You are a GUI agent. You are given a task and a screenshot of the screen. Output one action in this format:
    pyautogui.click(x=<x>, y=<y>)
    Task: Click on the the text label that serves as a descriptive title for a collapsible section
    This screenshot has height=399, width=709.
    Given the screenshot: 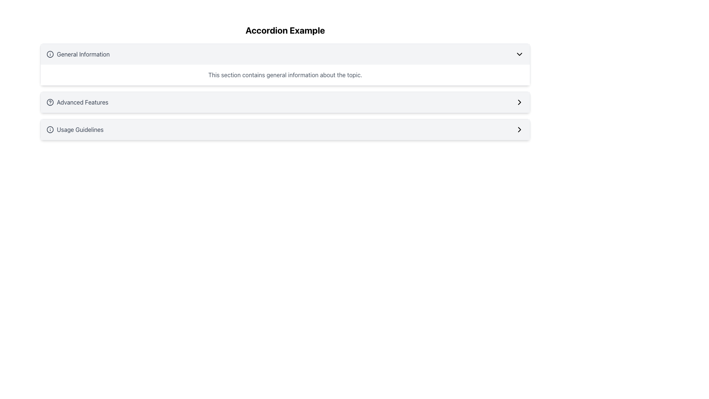 What is the action you would take?
    pyautogui.click(x=83, y=54)
    